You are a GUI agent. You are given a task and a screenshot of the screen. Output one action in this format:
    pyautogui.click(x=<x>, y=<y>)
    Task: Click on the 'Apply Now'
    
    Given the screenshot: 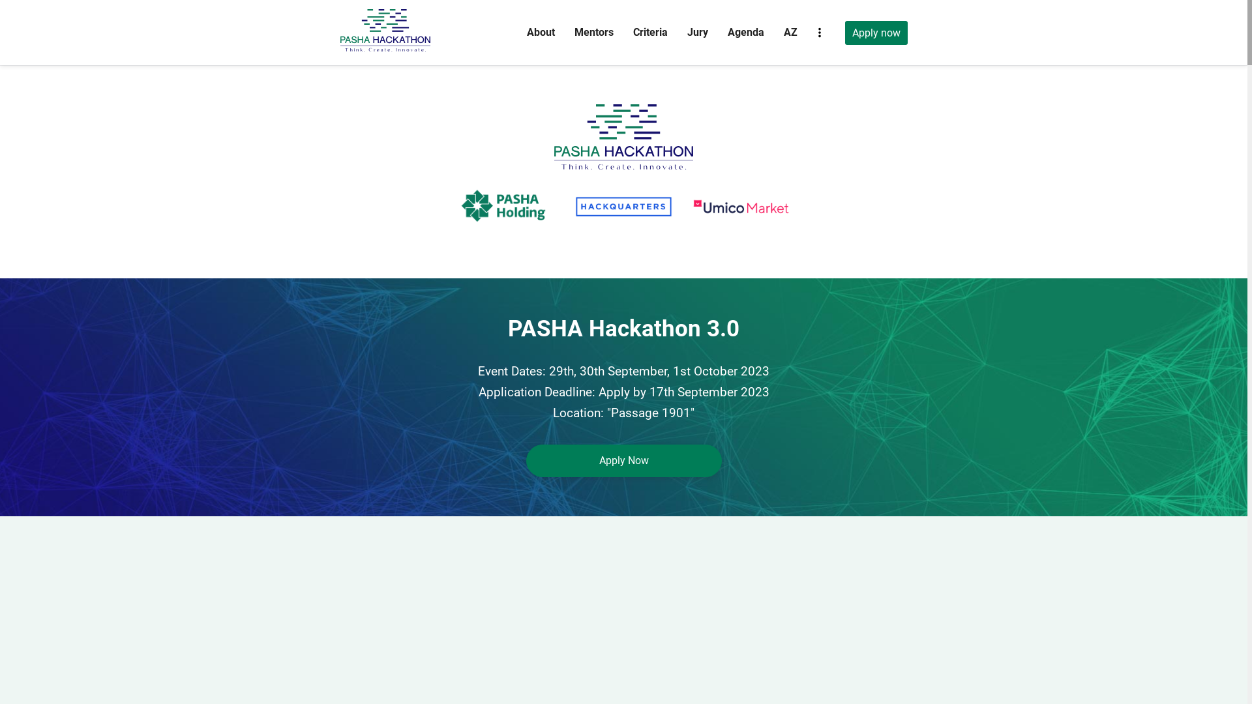 What is the action you would take?
    pyautogui.click(x=622, y=460)
    